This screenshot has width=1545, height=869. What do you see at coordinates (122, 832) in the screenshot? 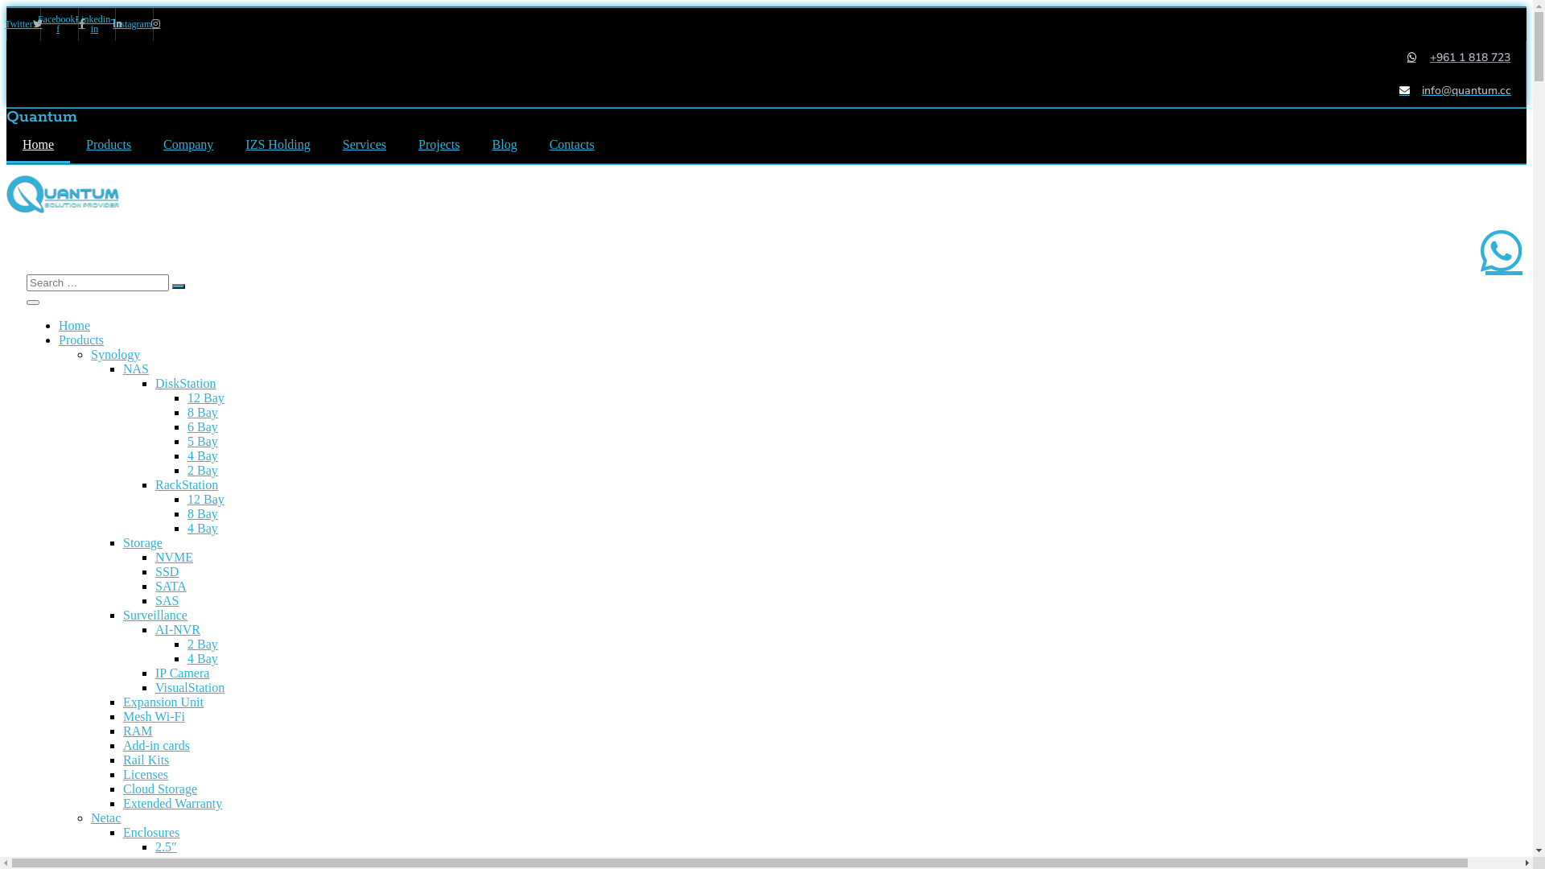
I see `'Enclosures'` at bounding box center [122, 832].